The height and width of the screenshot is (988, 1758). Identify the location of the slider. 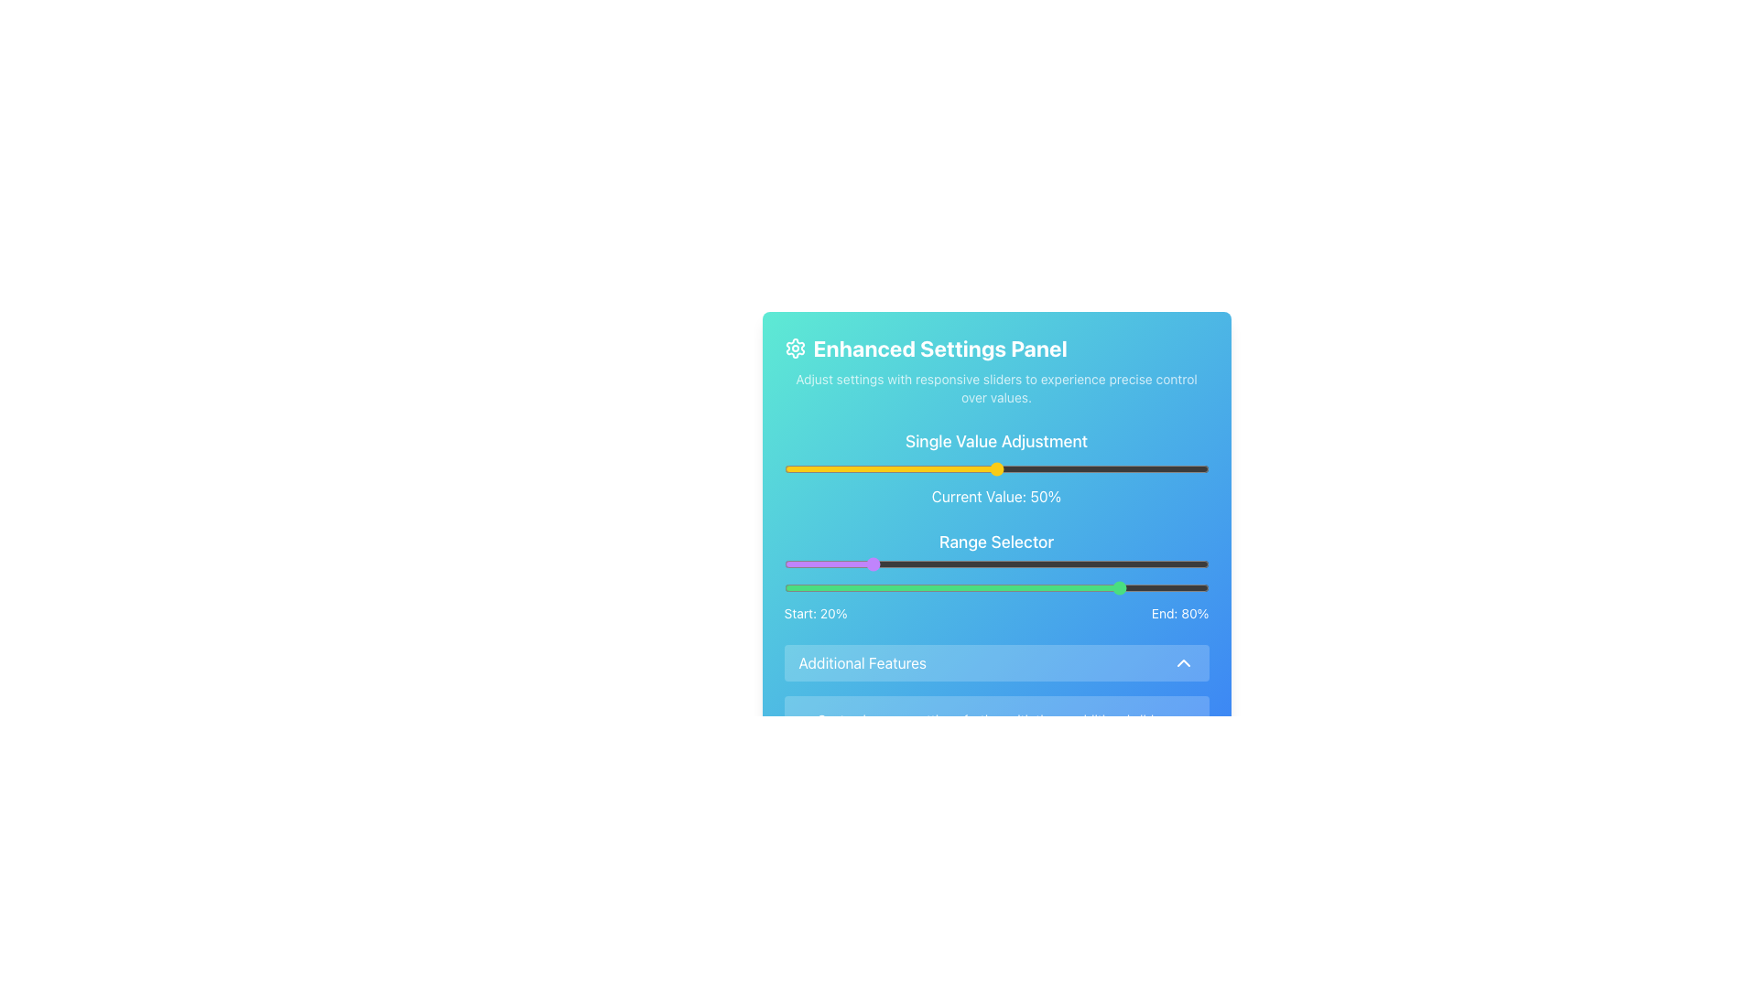
(834, 468).